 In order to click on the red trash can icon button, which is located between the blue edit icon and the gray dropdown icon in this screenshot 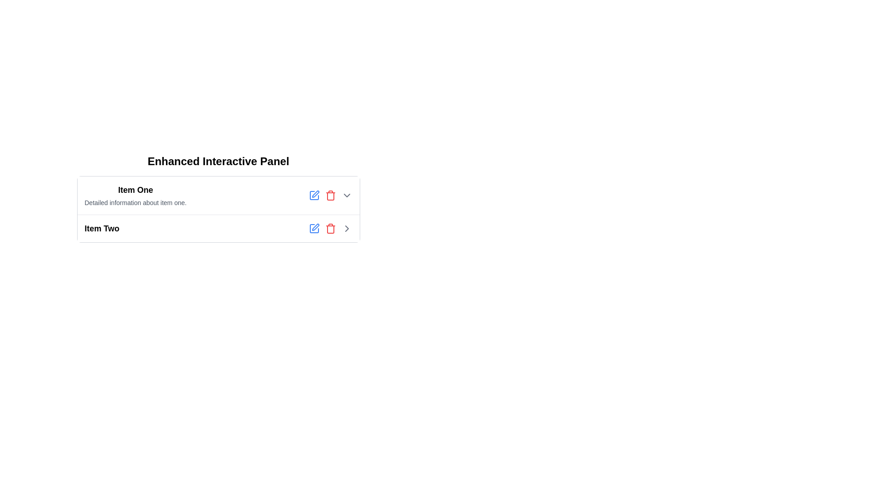, I will do `click(330, 195)`.